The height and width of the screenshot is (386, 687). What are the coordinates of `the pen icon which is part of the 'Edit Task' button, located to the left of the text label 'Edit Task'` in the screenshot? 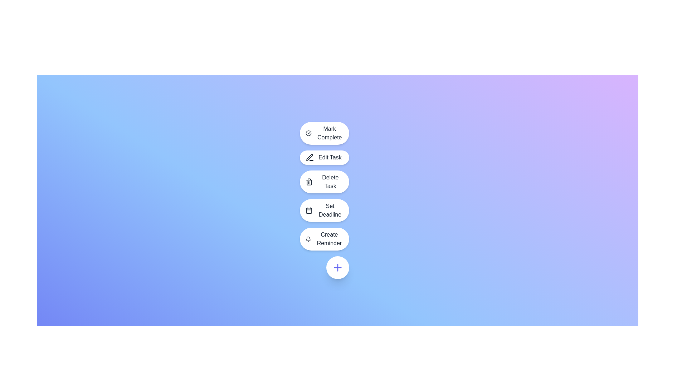 It's located at (310, 157).